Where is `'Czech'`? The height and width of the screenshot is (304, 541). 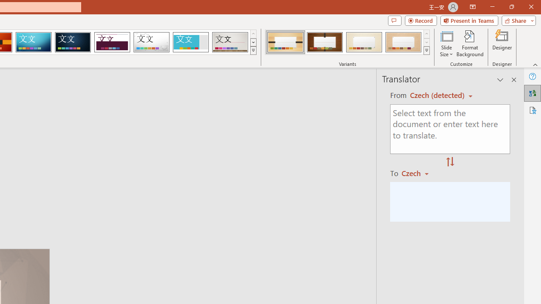
'Czech' is located at coordinates (419, 173).